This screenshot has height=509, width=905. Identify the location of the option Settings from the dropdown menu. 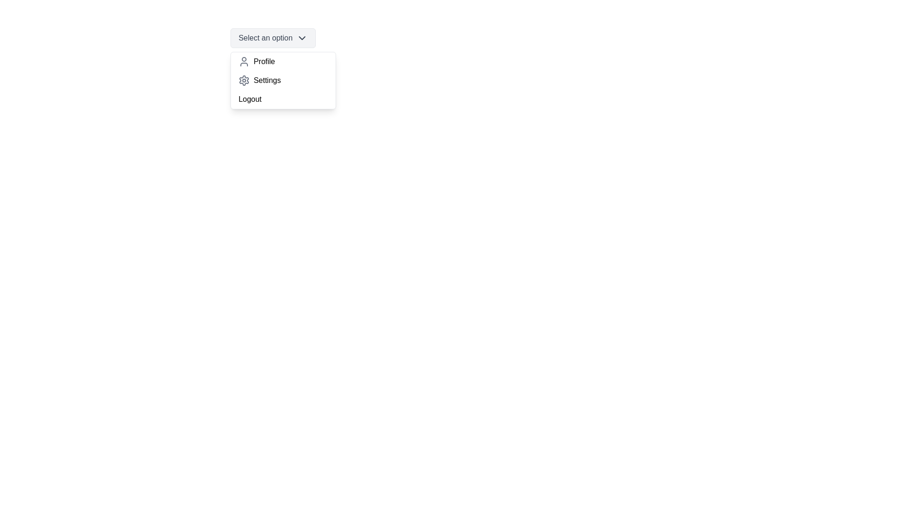
(283, 80).